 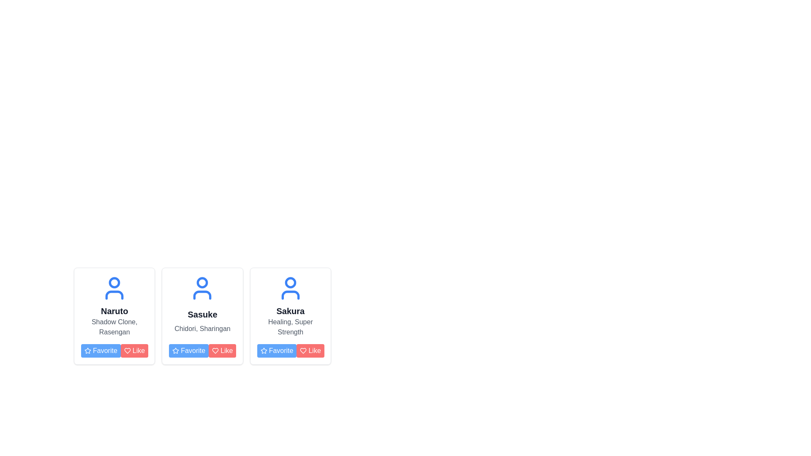 What do you see at coordinates (87, 350) in the screenshot?
I see `the blue star icon representing the favorite button located in the first profile card under the name 'Naruto'` at bounding box center [87, 350].